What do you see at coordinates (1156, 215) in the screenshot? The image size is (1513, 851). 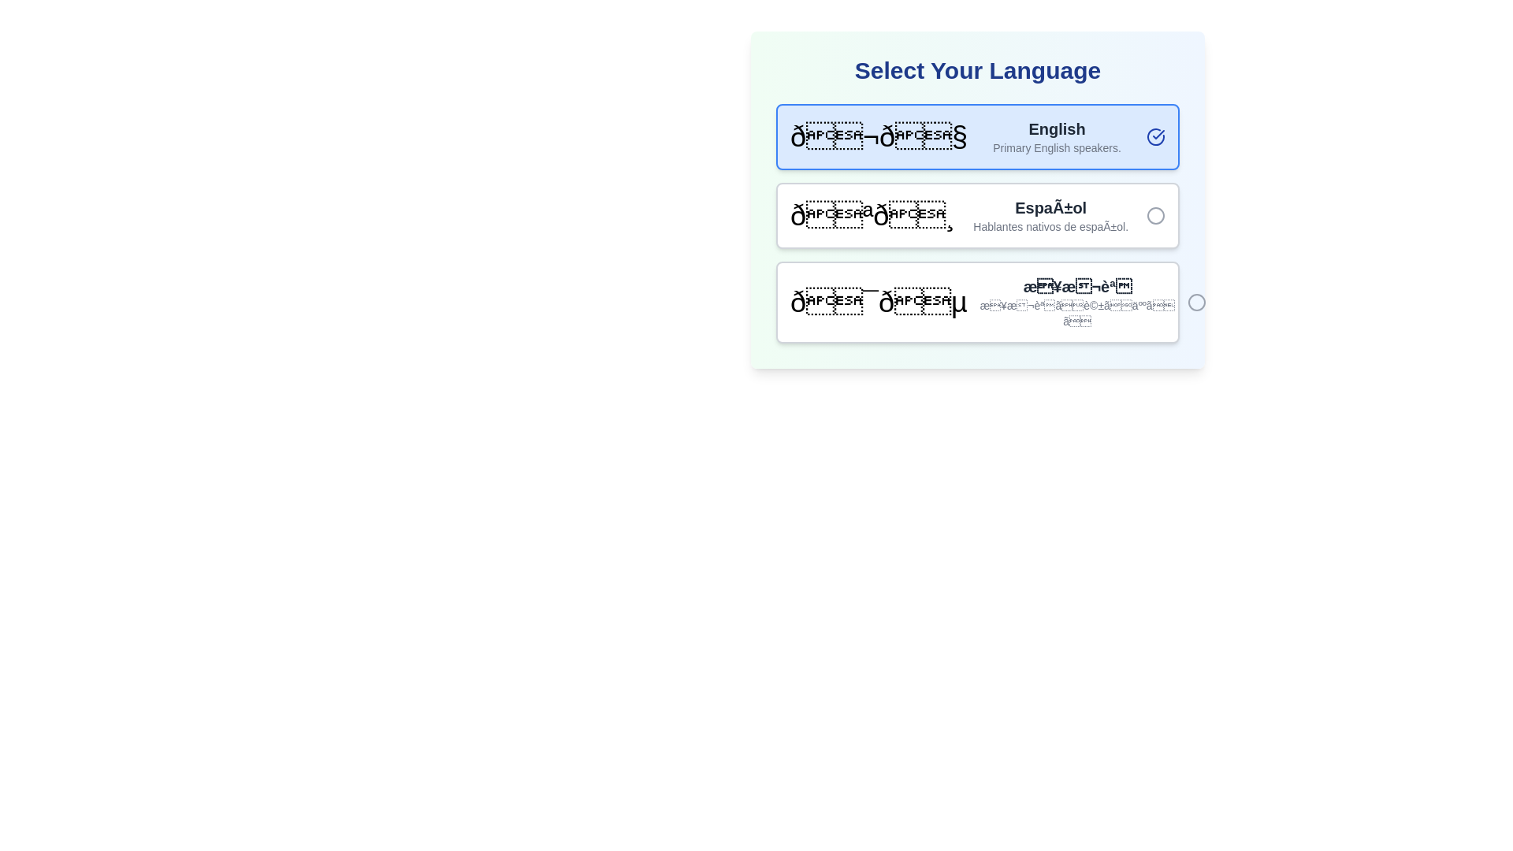 I see `the circular outline icon at the far right end of the second row in the 'Select Your Language' menu` at bounding box center [1156, 215].